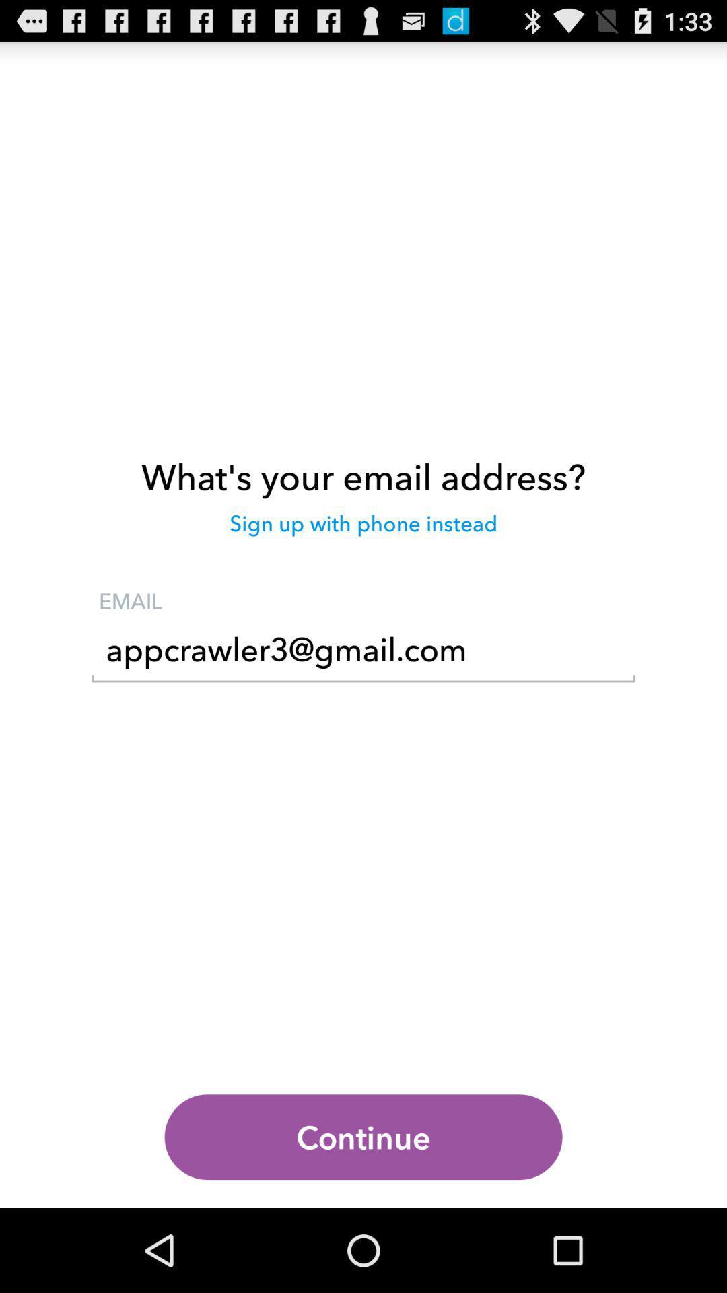 The height and width of the screenshot is (1293, 727). What do you see at coordinates (363, 529) in the screenshot?
I see `the icon below the what s your item` at bounding box center [363, 529].